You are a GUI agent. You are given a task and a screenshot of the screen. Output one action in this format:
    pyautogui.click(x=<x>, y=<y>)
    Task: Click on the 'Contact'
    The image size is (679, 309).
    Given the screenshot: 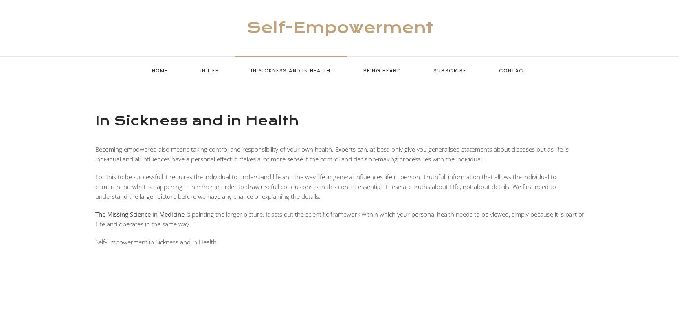 What is the action you would take?
    pyautogui.click(x=512, y=70)
    